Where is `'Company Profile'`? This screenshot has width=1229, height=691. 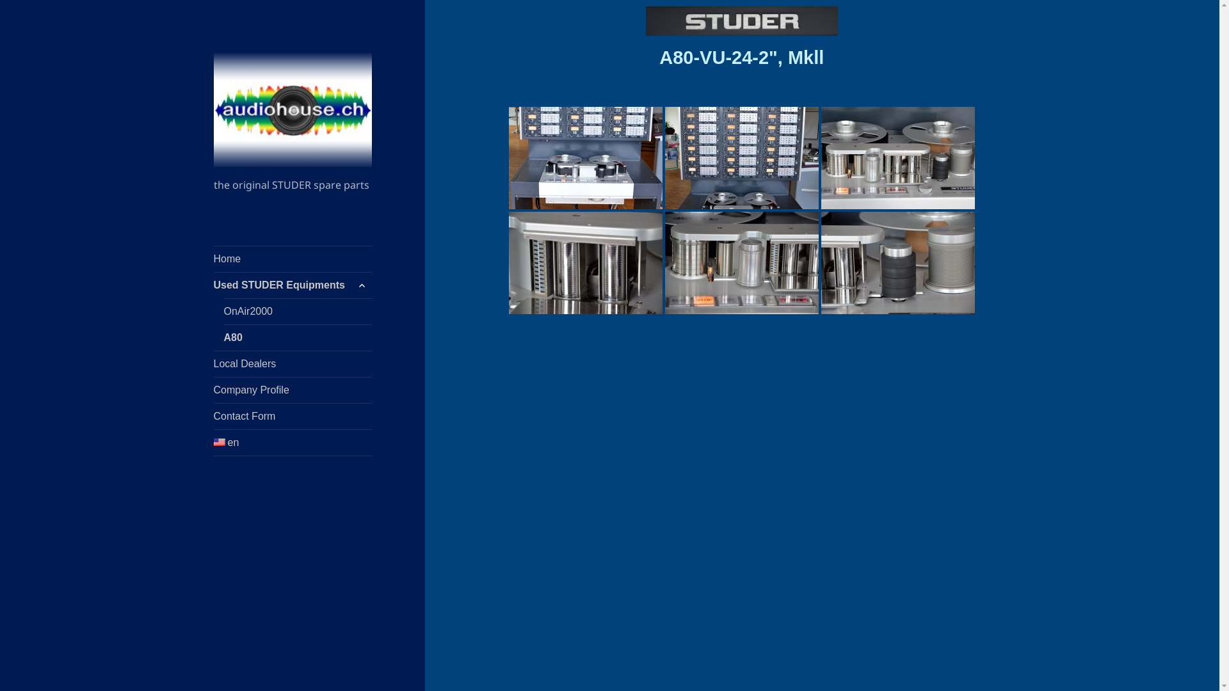 'Company Profile' is located at coordinates (292, 389).